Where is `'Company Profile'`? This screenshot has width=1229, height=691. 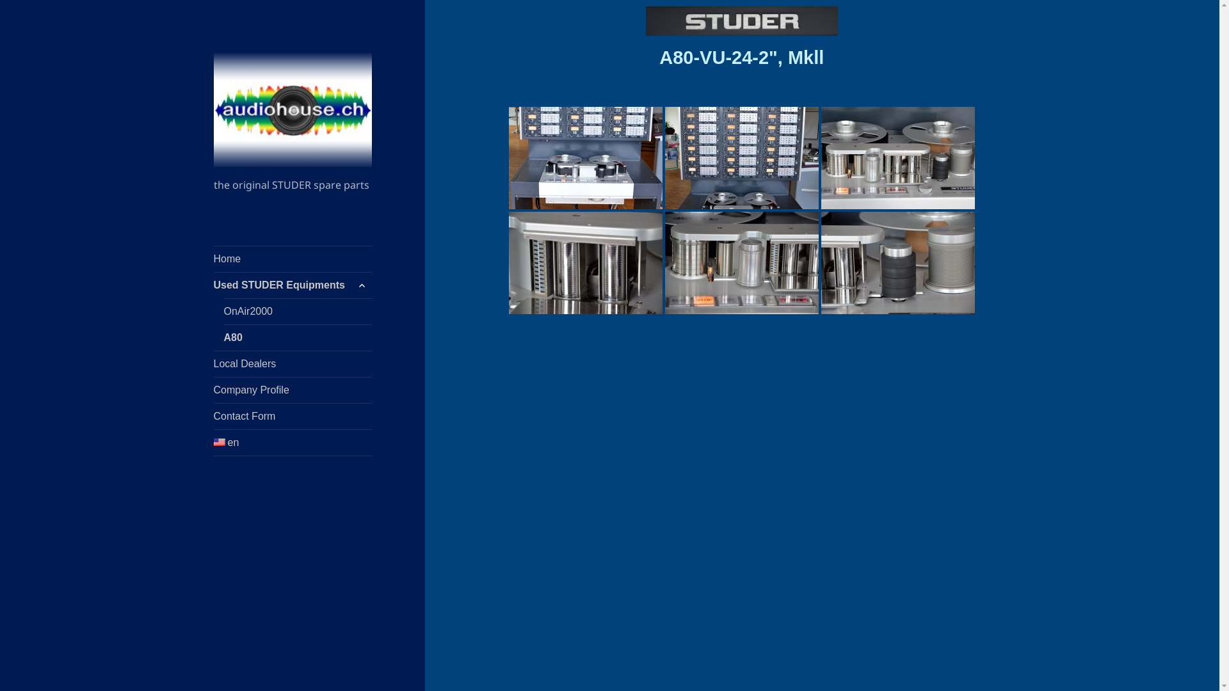 'Company Profile' is located at coordinates (292, 389).